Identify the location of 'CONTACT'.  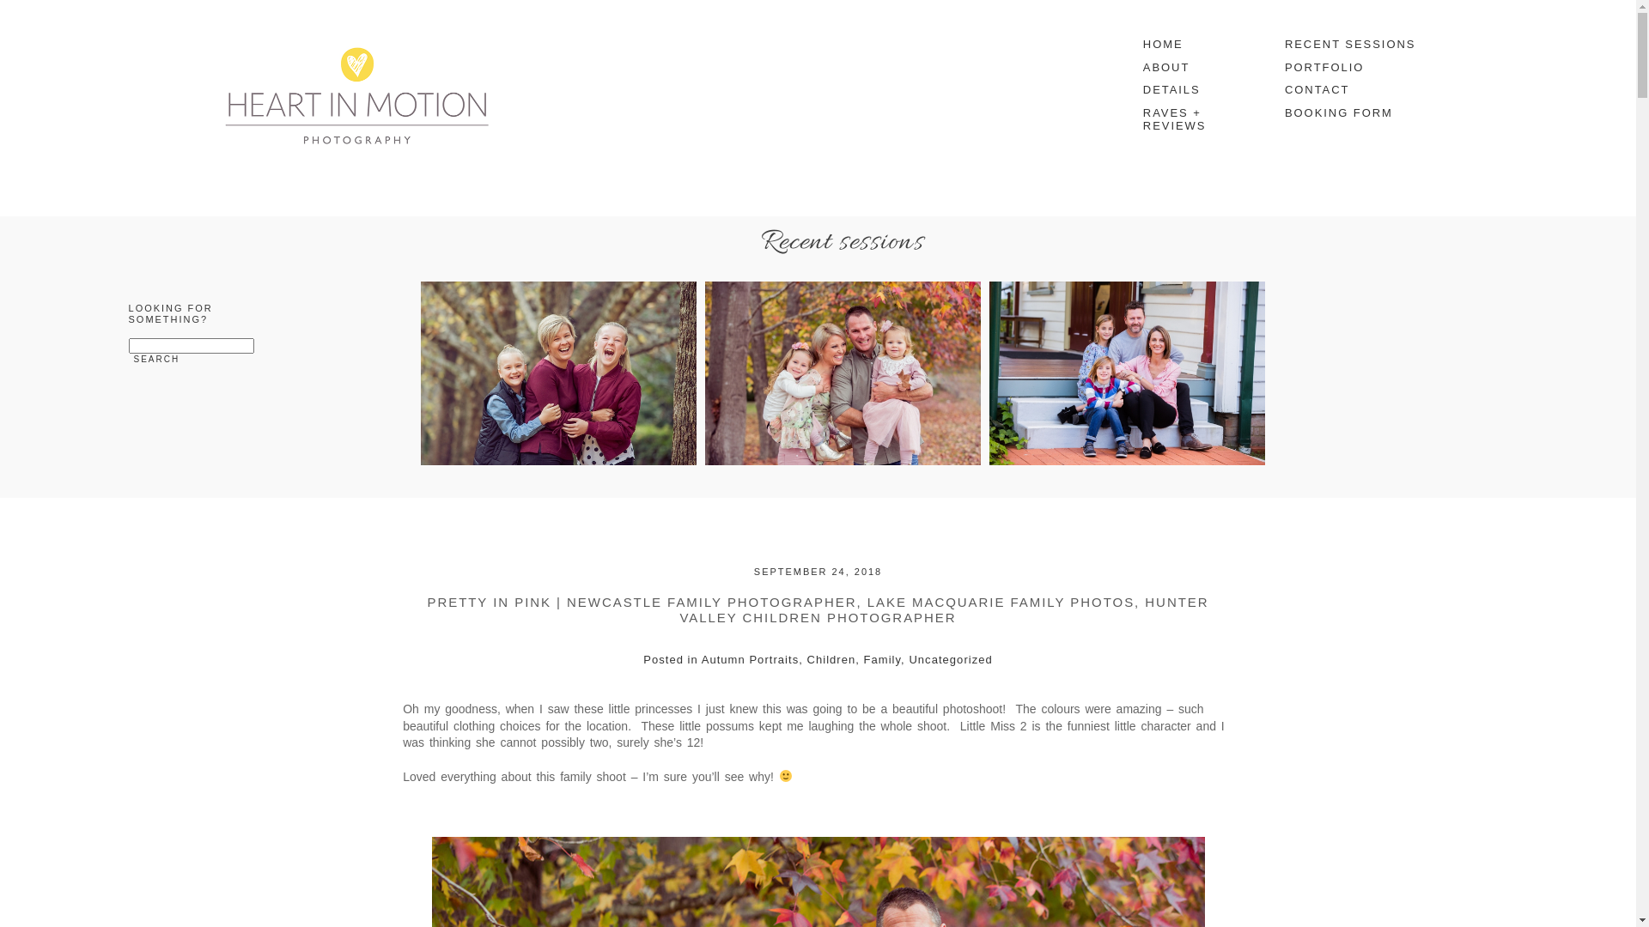
(1351, 90).